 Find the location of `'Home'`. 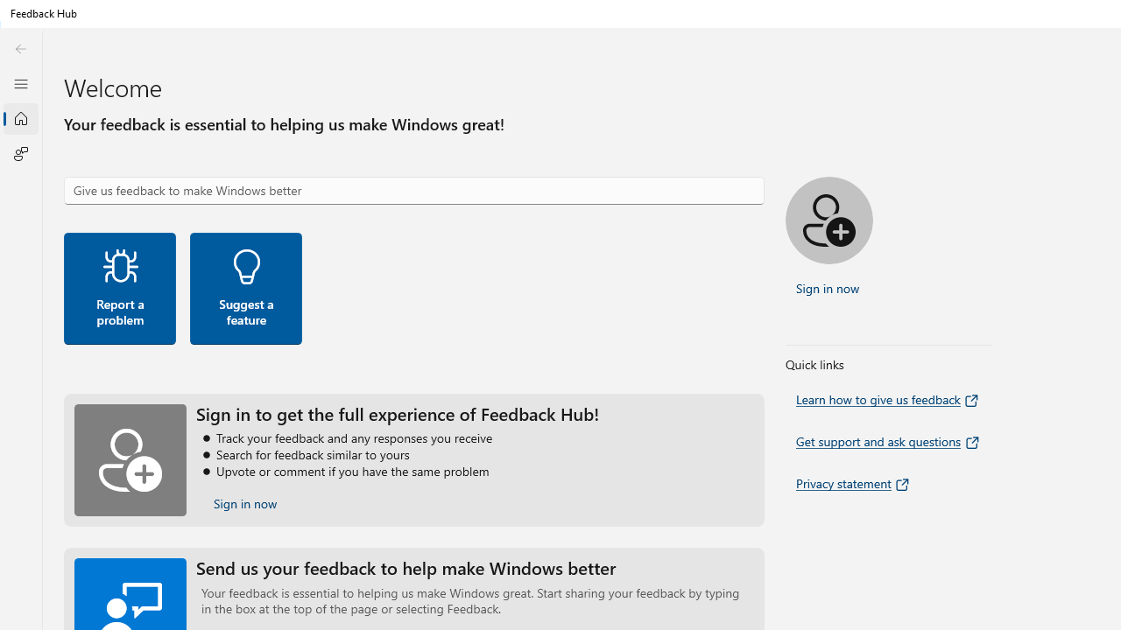

'Home' is located at coordinates (20, 118).